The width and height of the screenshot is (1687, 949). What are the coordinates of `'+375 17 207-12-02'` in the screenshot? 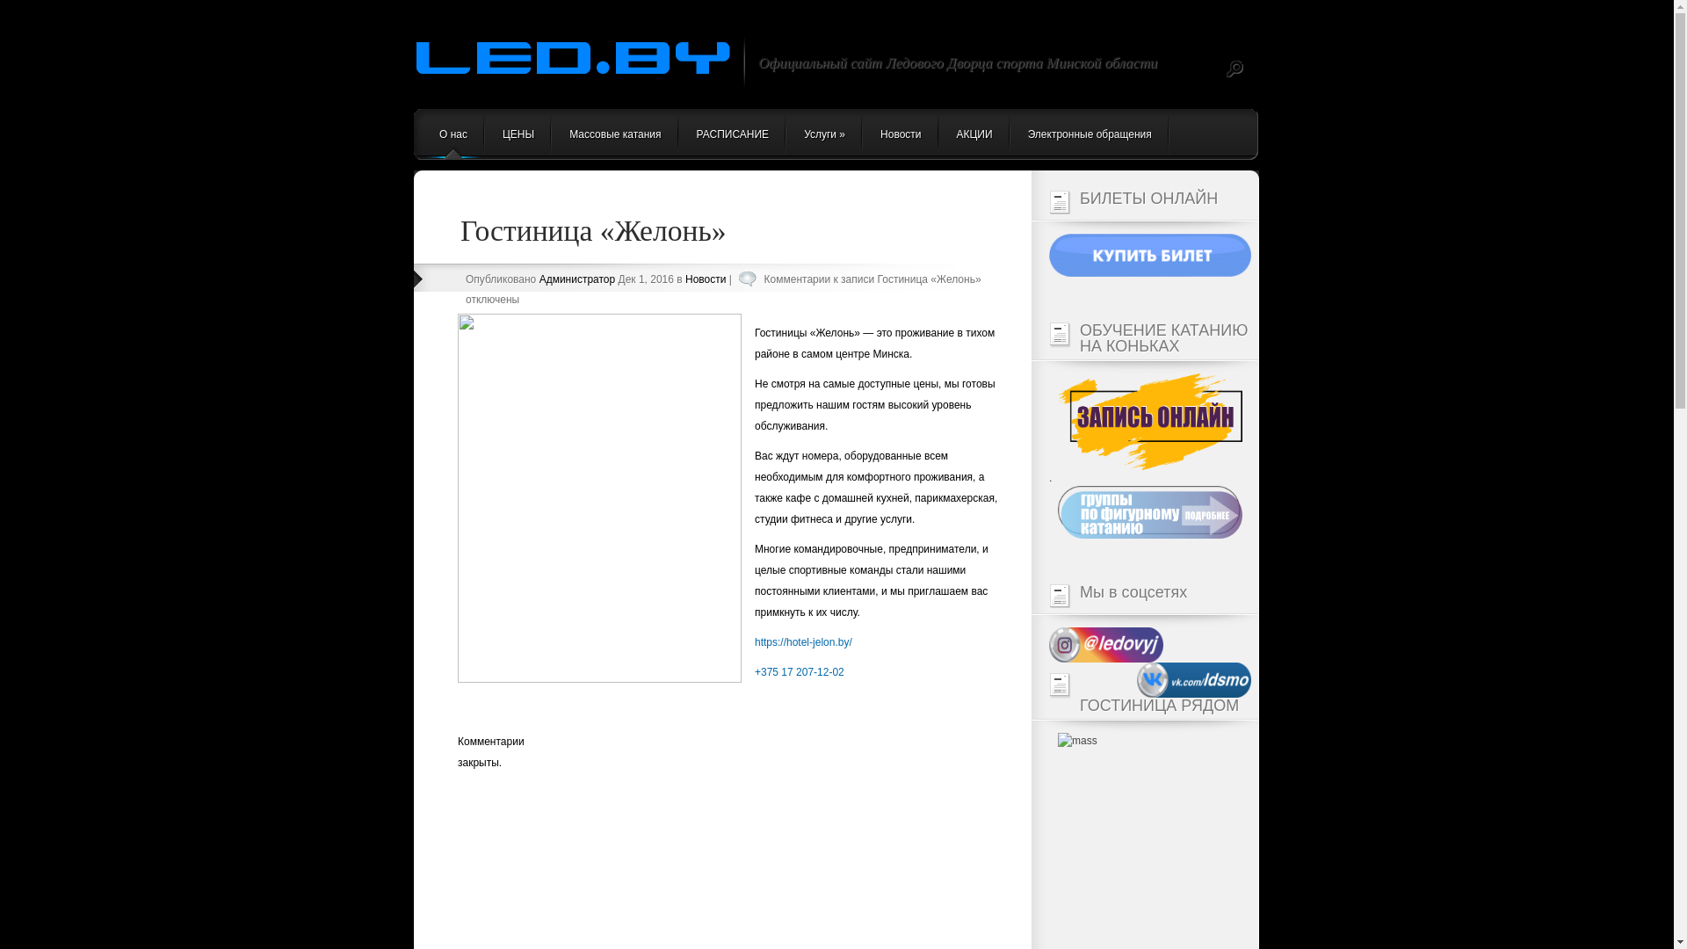 It's located at (755, 671).